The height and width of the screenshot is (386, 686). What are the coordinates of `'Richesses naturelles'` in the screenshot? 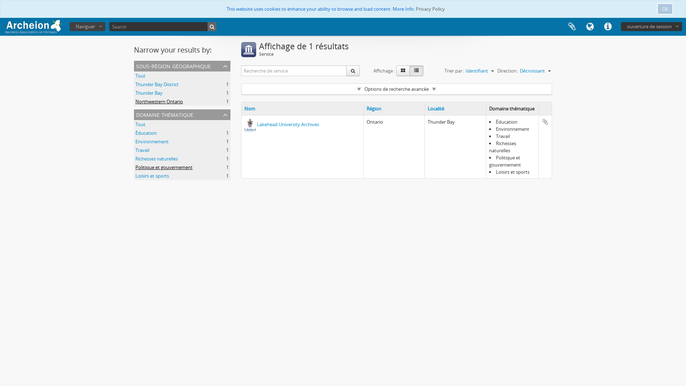 It's located at (156, 158).